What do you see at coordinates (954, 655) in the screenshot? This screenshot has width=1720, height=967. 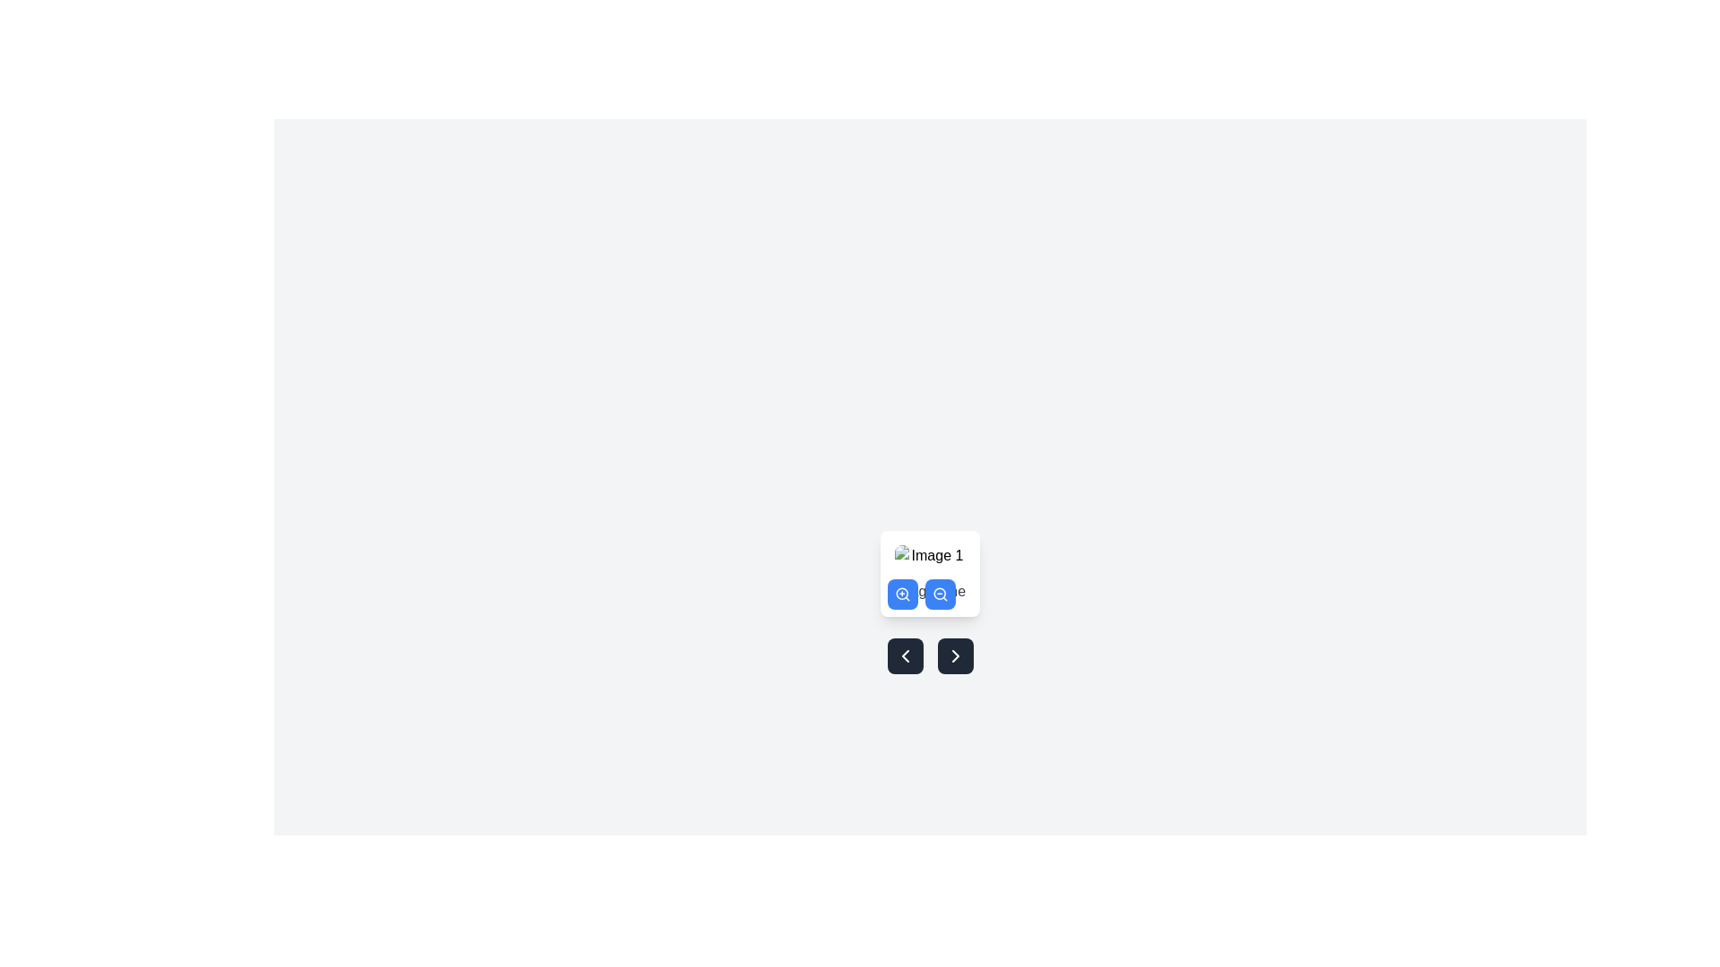 I see `the right-pointing chevron arrow icon located within the button` at bounding box center [954, 655].